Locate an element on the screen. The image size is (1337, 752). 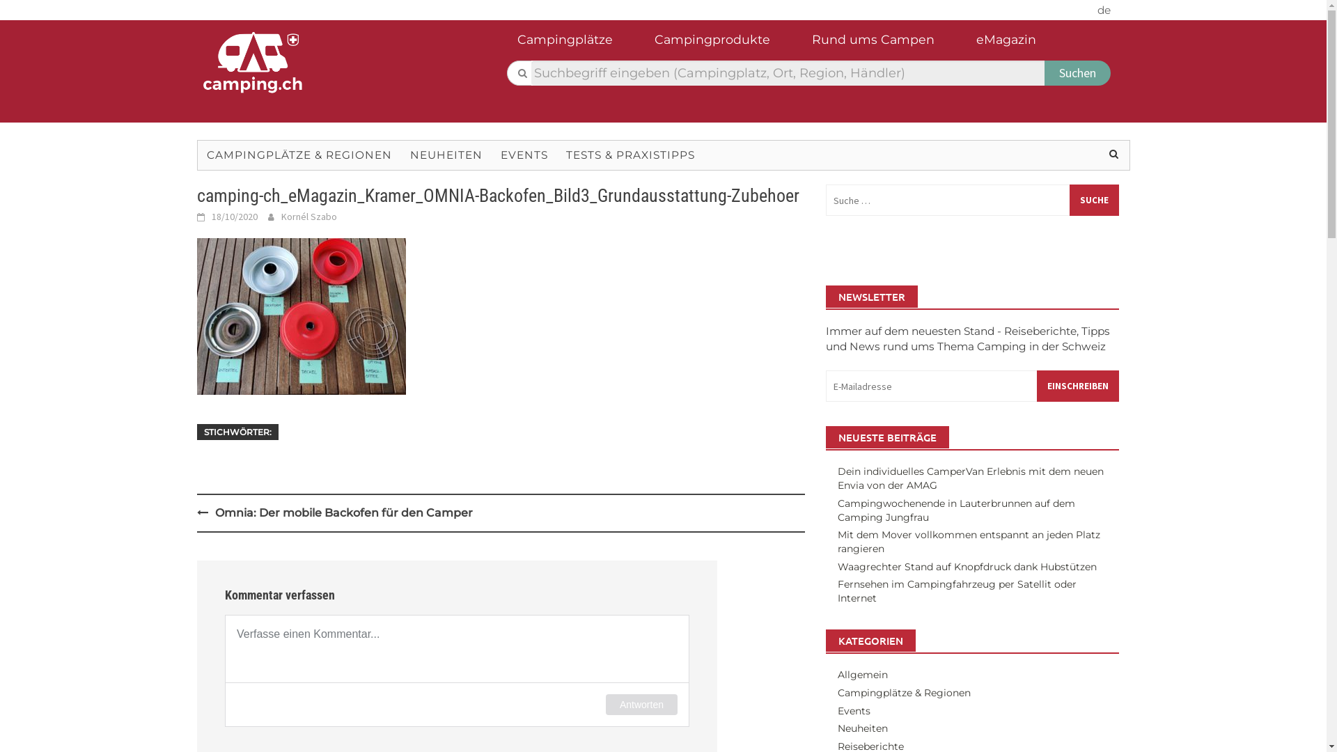
'Suche' is located at coordinates (1093, 200).